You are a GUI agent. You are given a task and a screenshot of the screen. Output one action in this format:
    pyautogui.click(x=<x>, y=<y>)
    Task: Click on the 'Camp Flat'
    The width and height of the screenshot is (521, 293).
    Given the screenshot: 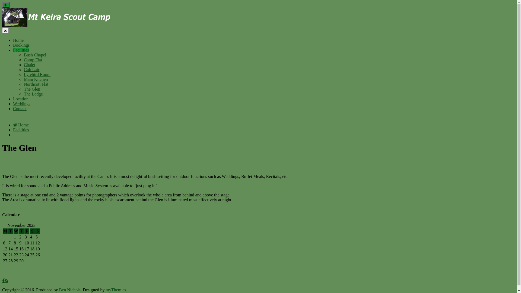 What is the action you would take?
    pyautogui.click(x=33, y=60)
    